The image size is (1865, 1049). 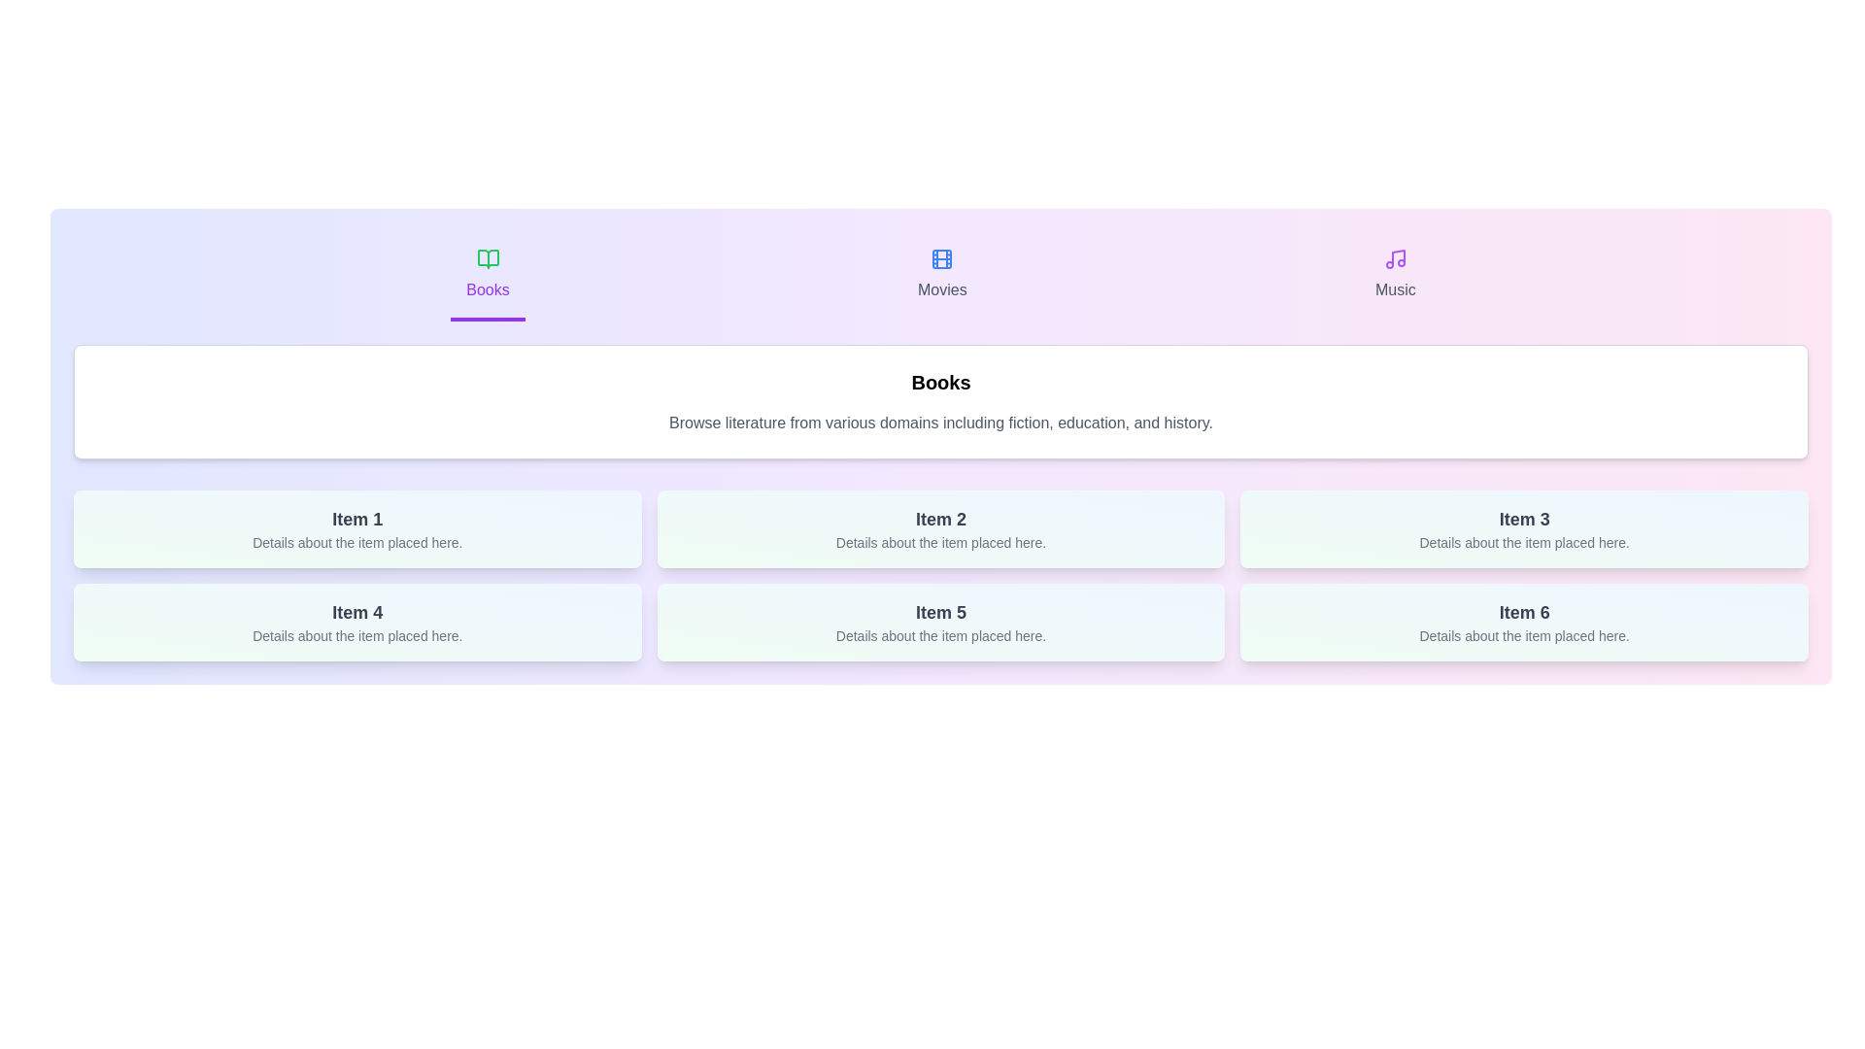 I want to click on the tab labeled Music, so click(x=1394, y=277).